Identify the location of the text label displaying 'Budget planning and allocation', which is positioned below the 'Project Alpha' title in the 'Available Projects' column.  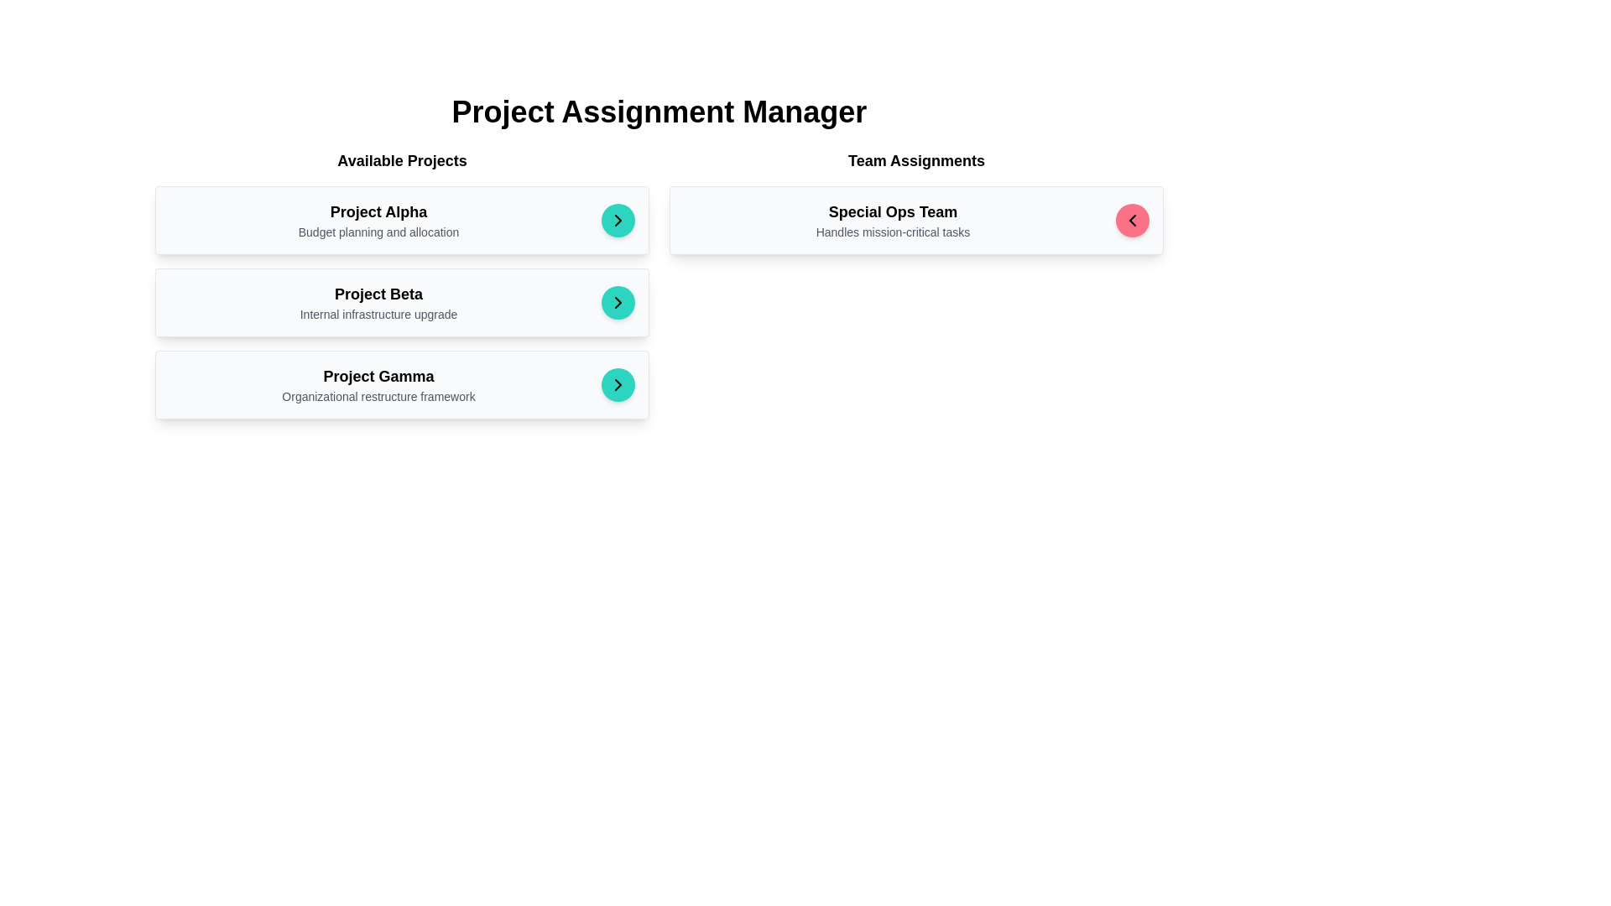
(378, 232).